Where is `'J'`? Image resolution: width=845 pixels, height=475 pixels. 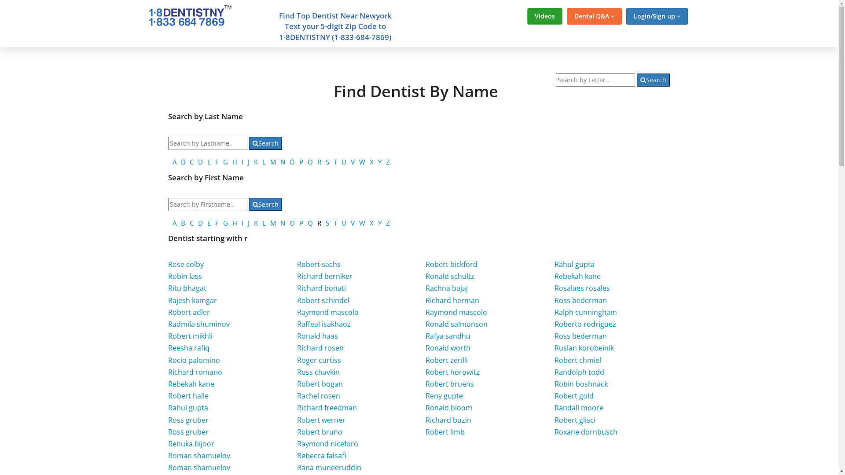
'J' is located at coordinates (248, 161).